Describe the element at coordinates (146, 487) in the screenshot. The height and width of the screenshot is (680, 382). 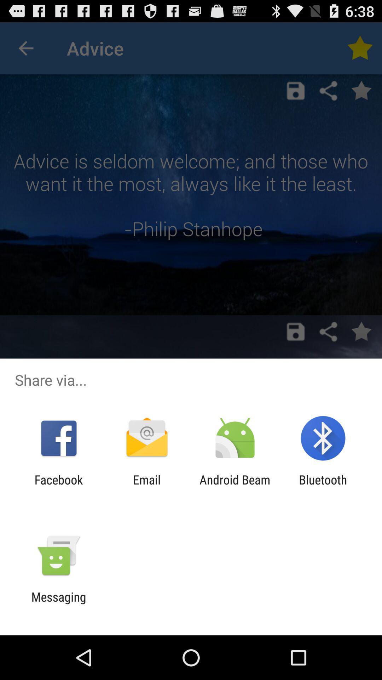
I see `the app to the left of android beam item` at that location.